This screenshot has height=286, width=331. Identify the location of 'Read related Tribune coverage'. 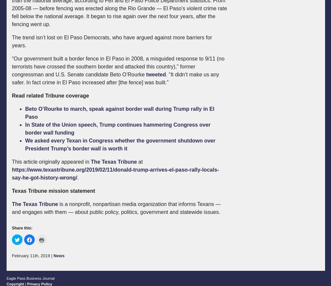
(50, 96).